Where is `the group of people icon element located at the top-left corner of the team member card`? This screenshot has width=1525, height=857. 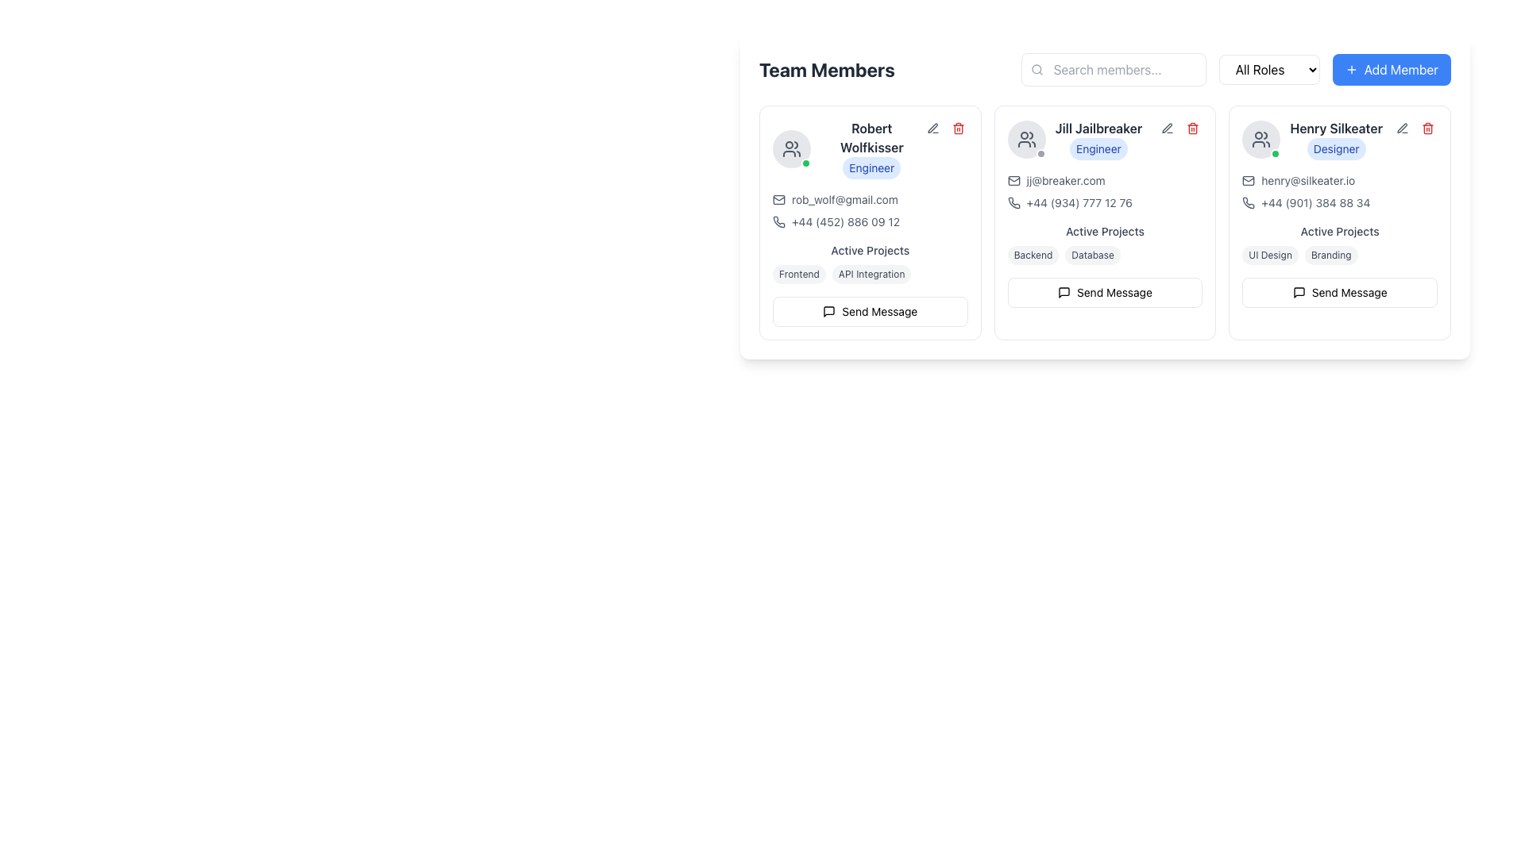 the group of people icon element located at the top-left corner of the team member card is located at coordinates (792, 149).